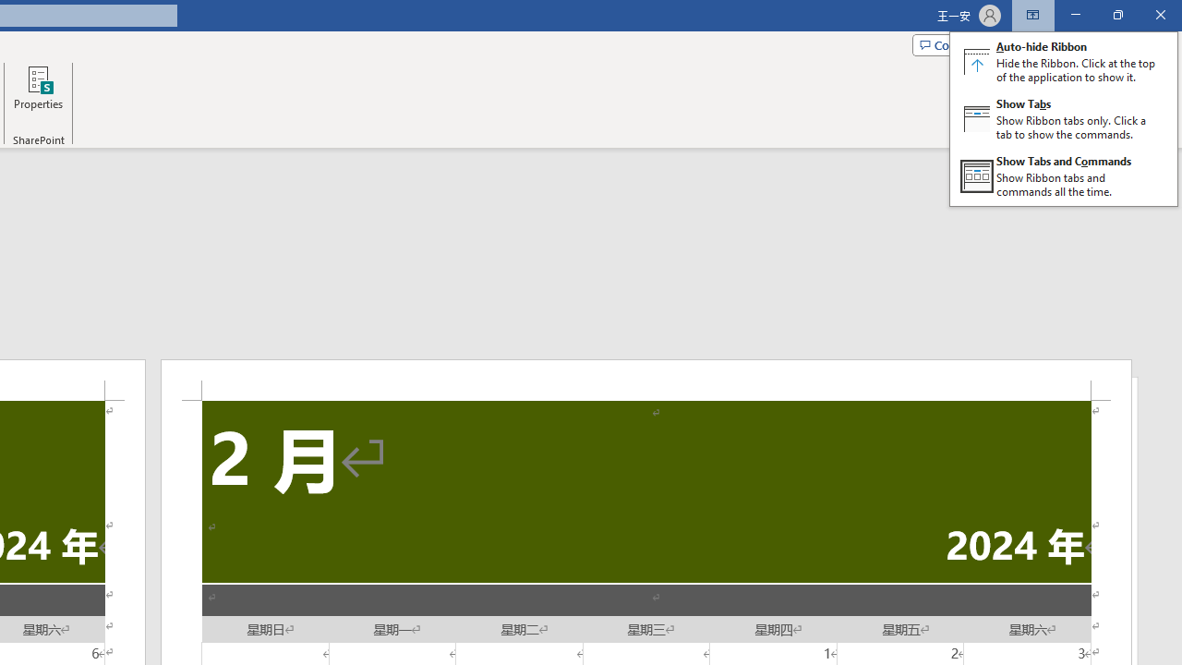 This screenshot has width=1182, height=665. I want to click on 'Ribbon Display Options', so click(1031, 15).